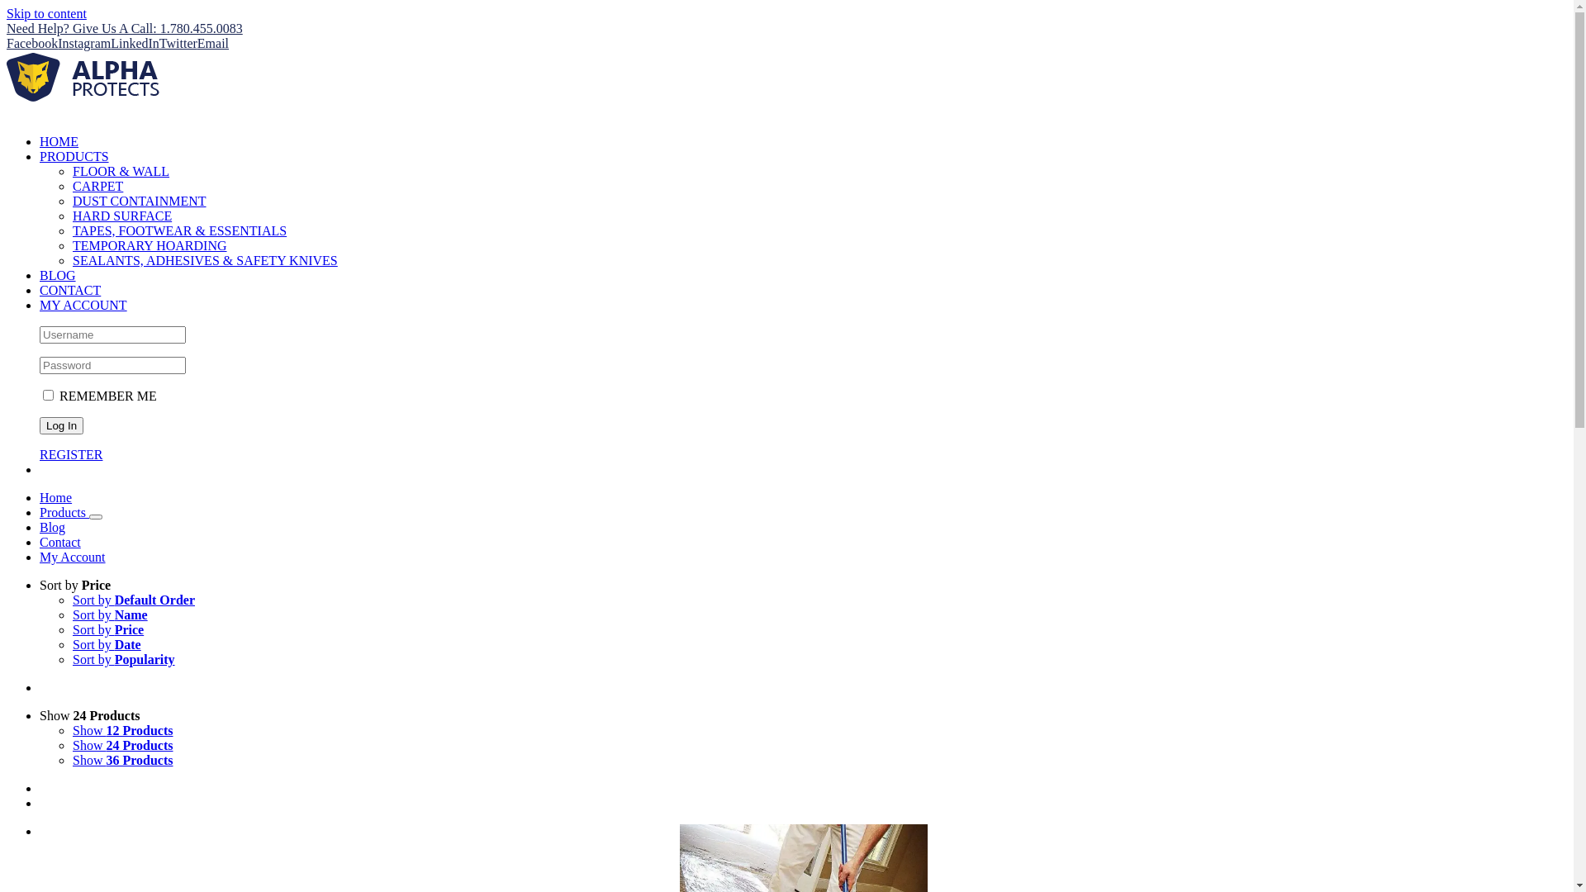  Describe the element at coordinates (123, 28) in the screenshot. I see `'Need Help? Give Us A Call: 1.780.455.0083'` at that location.